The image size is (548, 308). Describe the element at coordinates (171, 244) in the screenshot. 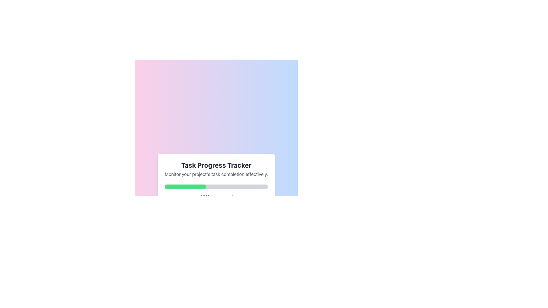

I see `the small SVG square element with a rounded-corner design, which has a gray border and transparent fill, located at the bottom of the visible interface` at that location.